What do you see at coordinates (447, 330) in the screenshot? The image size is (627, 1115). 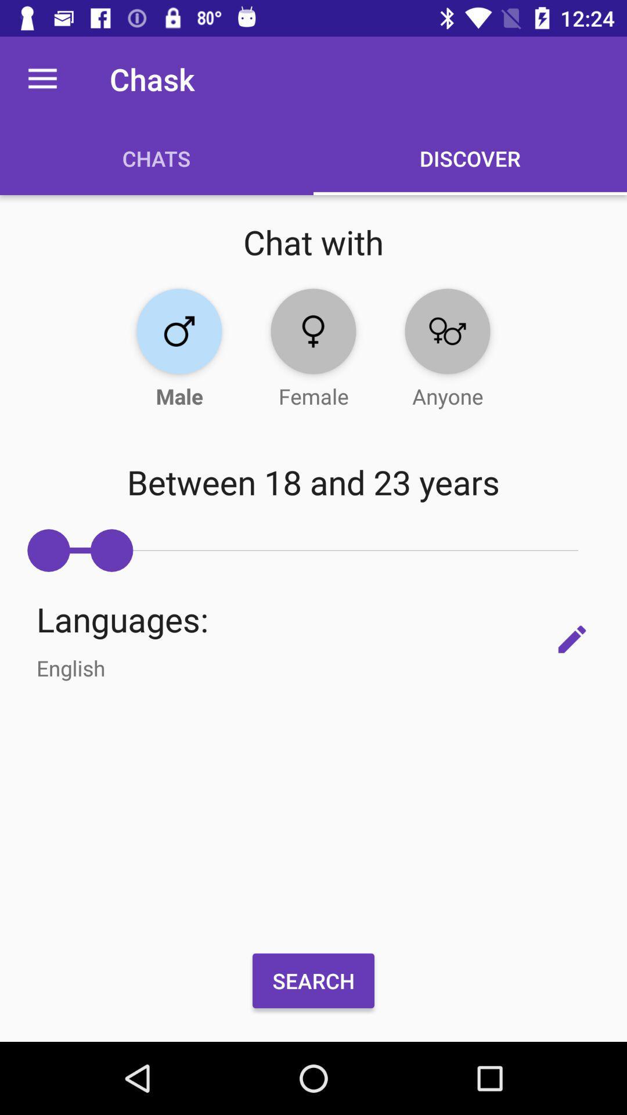 I see `chat with anyone` at bounding box center [447, 330].